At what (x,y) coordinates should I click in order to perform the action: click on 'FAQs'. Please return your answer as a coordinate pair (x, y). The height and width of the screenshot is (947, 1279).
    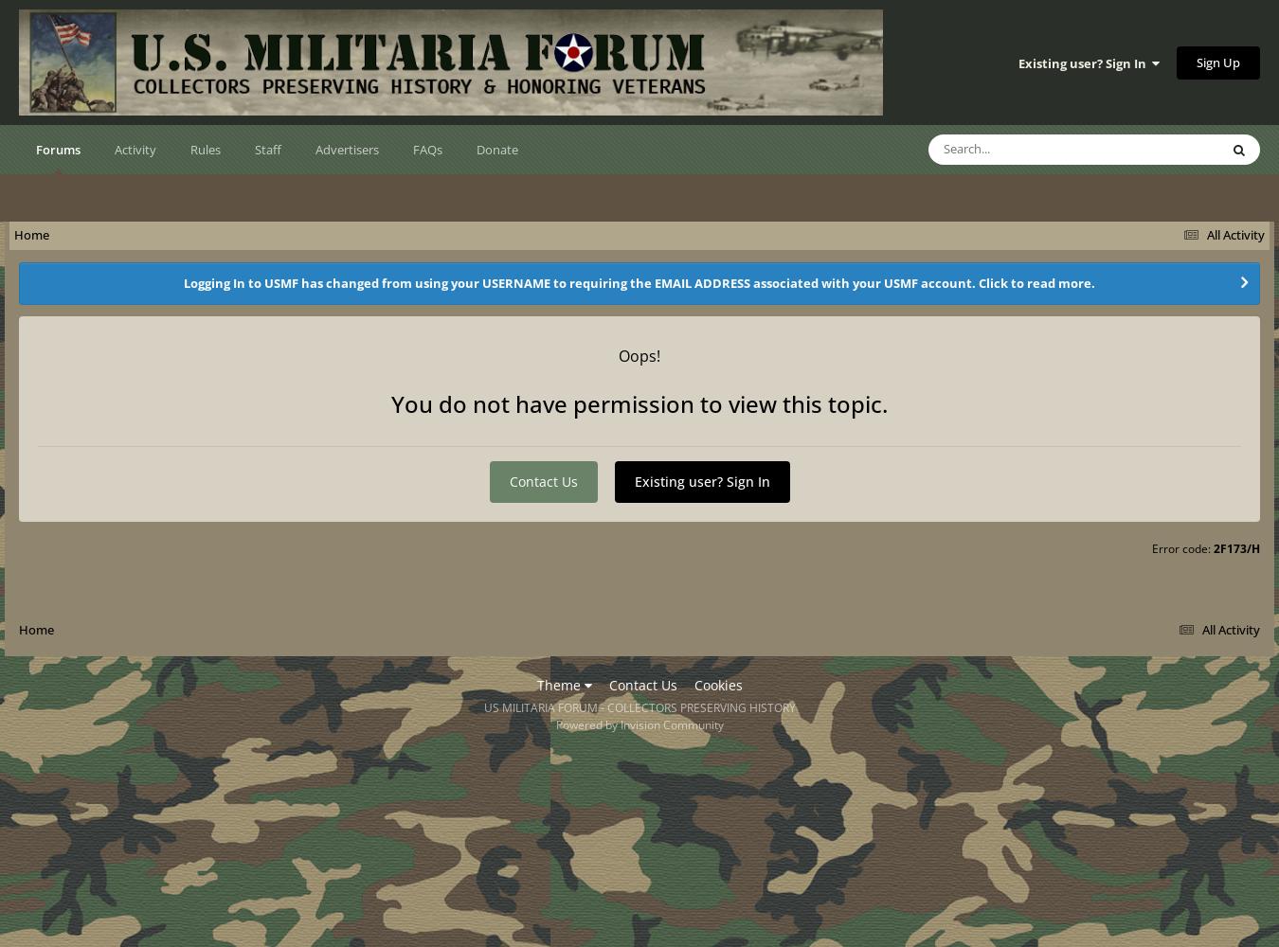
    Looking at the image, I should click on (426, 150).